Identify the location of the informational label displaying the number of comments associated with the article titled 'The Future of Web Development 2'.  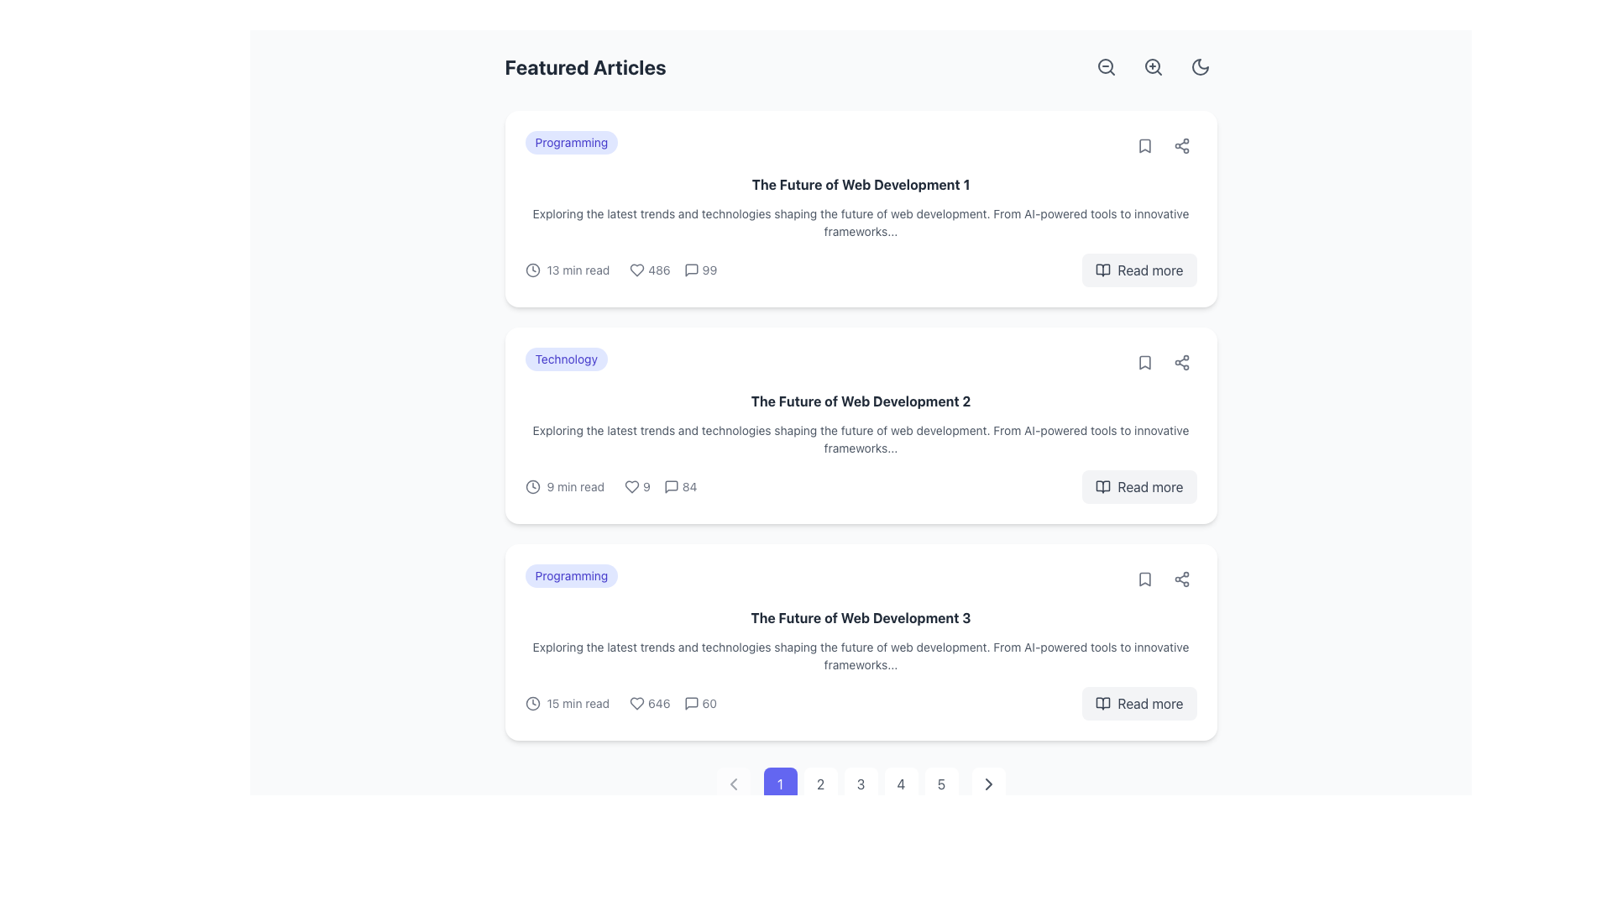
(680, 486).